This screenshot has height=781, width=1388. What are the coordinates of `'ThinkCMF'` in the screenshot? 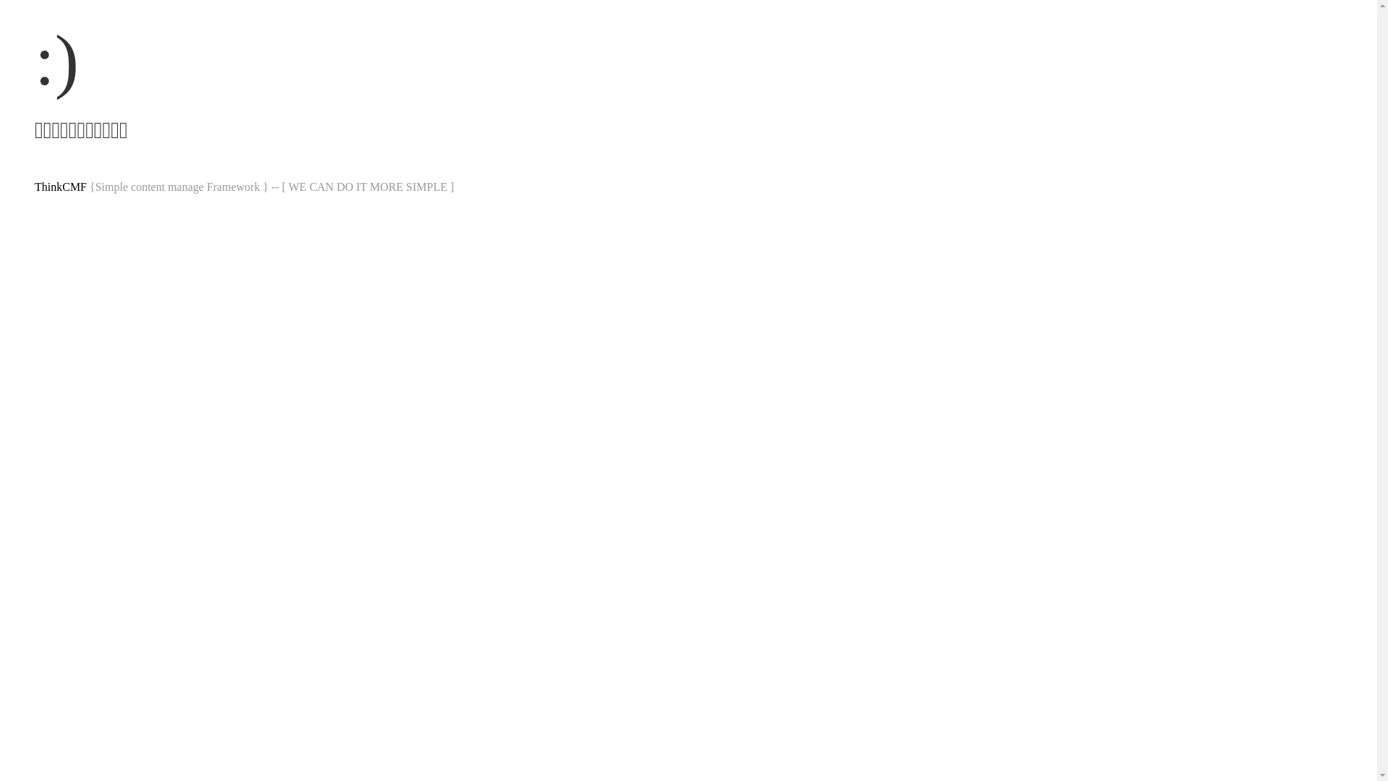 It's located at (59, 186).